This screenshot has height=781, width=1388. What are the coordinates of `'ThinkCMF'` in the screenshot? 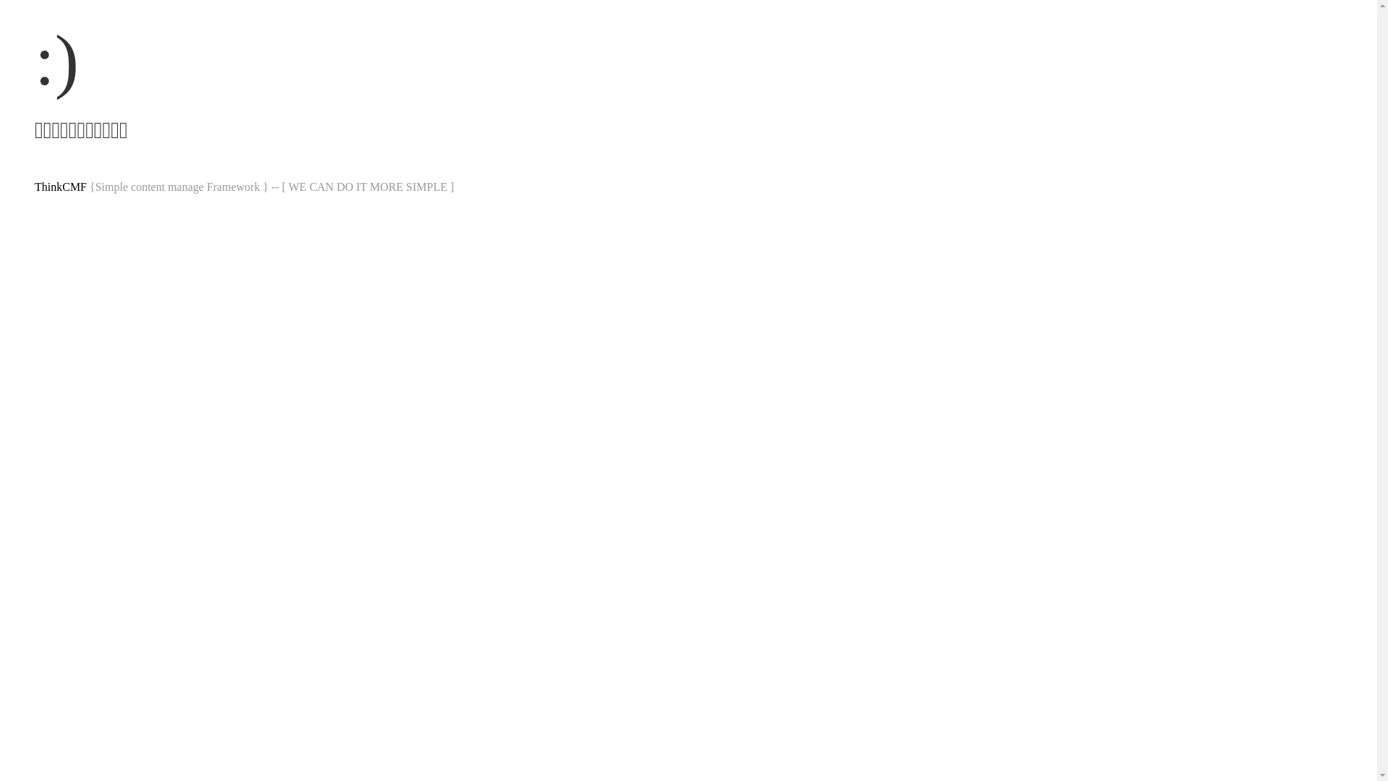 It's located at (59, 186).